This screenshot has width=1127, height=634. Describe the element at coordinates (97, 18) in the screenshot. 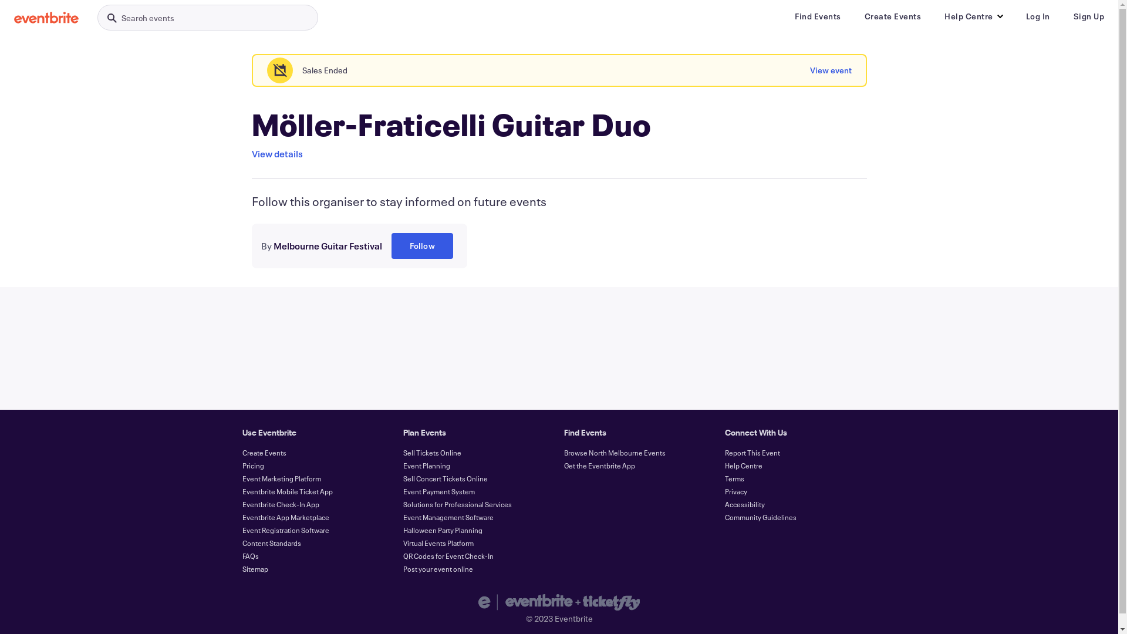

I see `'Search events'` at that location.